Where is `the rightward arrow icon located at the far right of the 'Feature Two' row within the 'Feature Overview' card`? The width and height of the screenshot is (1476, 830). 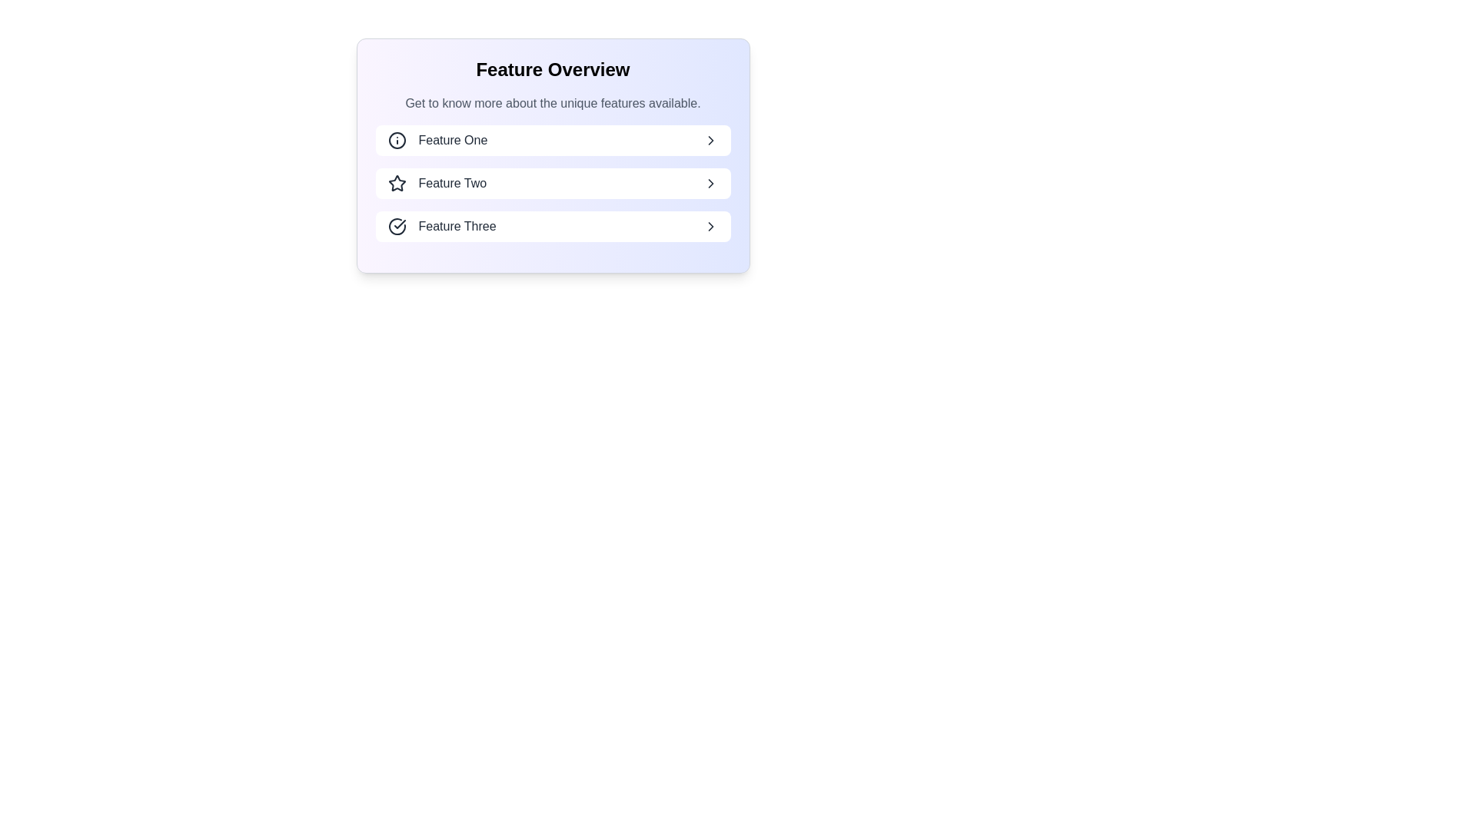 the rightward arrow icon located at the far right of the 'Feature Two' row within the 'Feature Overview' card is located at coordinates (710, 183).